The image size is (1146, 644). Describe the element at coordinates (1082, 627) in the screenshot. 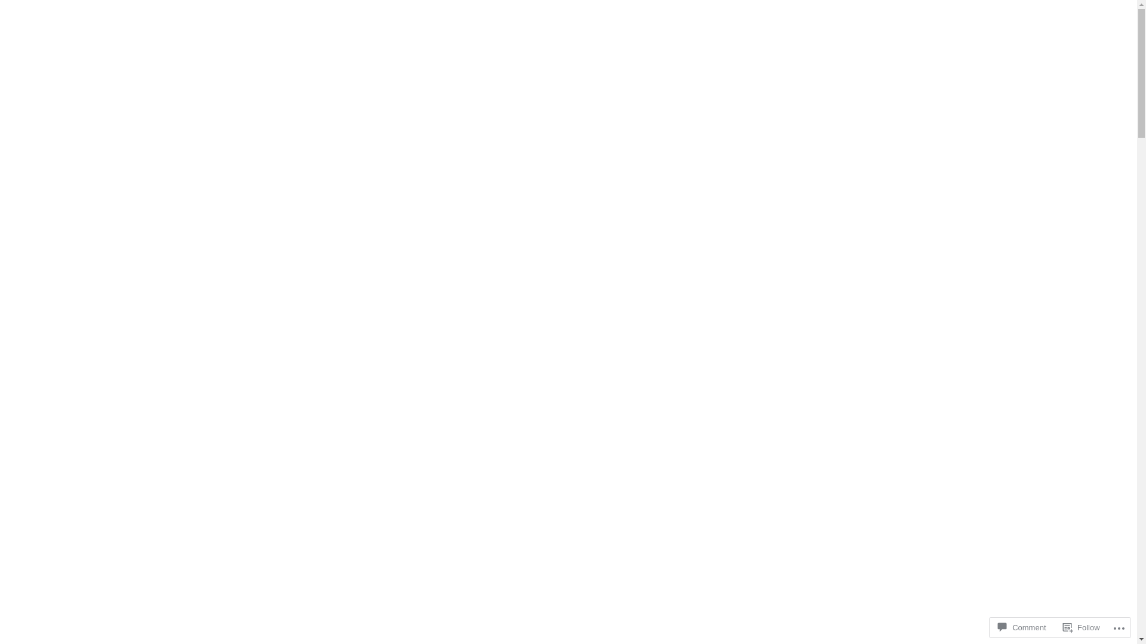

I see `'Follow'` at that location.